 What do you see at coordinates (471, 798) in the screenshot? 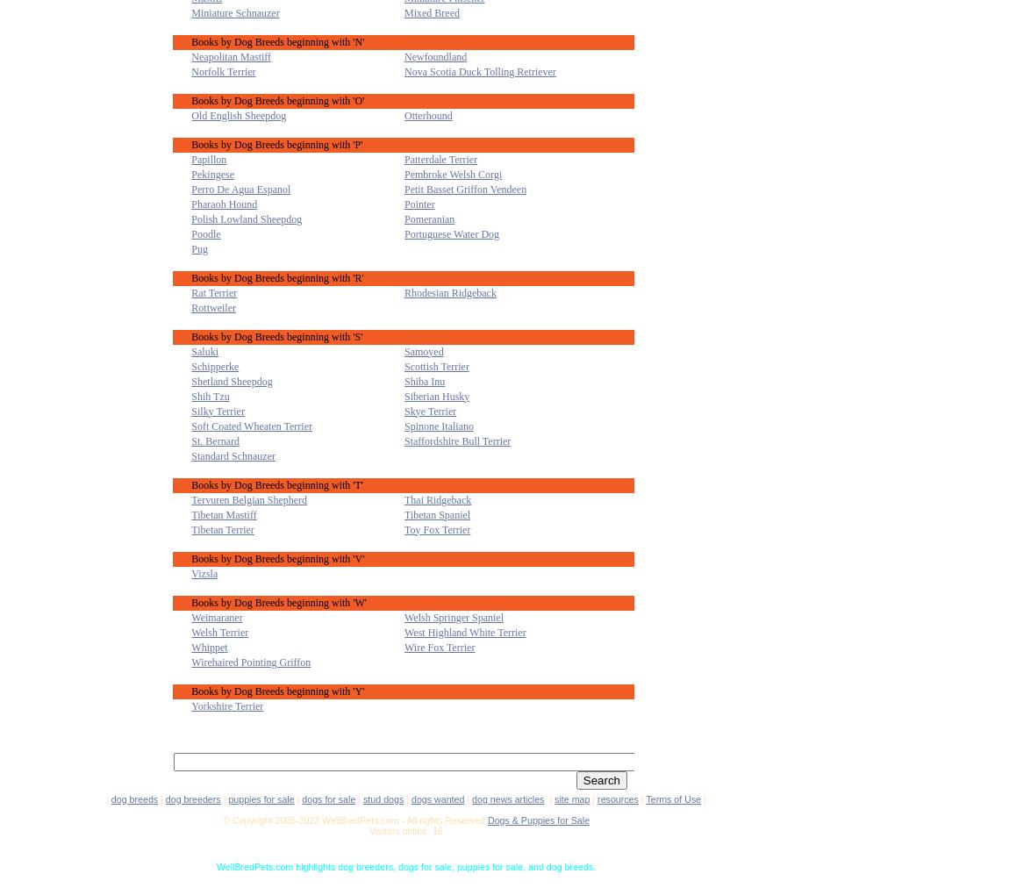
I see `'dog news articles'` at bounding box center [471, 798].